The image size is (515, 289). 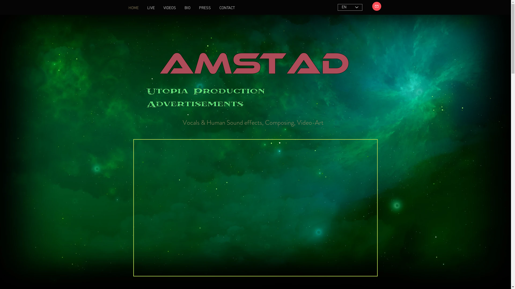 What do you see at coordinates (169, 8) in the screenshot?
I see `'VIDEOS'` at bounding box center [169, 8].